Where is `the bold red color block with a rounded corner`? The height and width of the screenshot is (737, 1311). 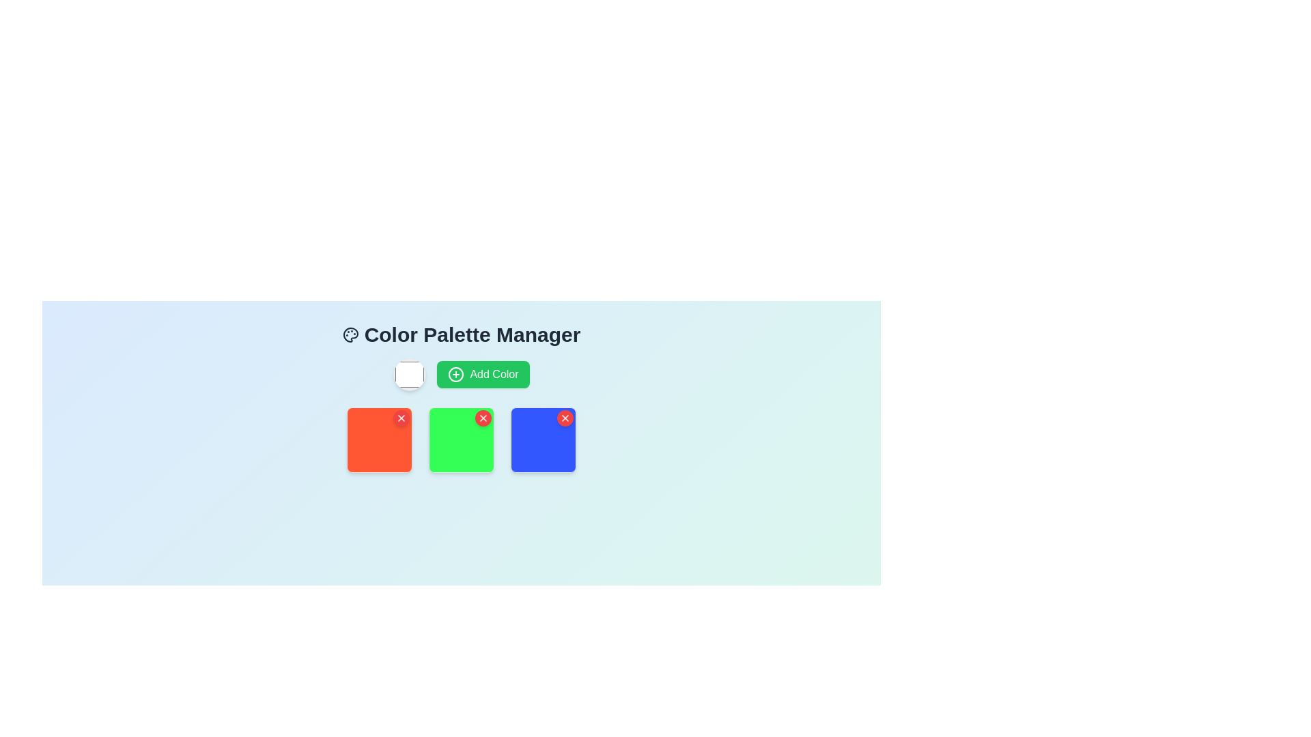
the bold red color block with a rounded corner is located at coordinates (380, 439).